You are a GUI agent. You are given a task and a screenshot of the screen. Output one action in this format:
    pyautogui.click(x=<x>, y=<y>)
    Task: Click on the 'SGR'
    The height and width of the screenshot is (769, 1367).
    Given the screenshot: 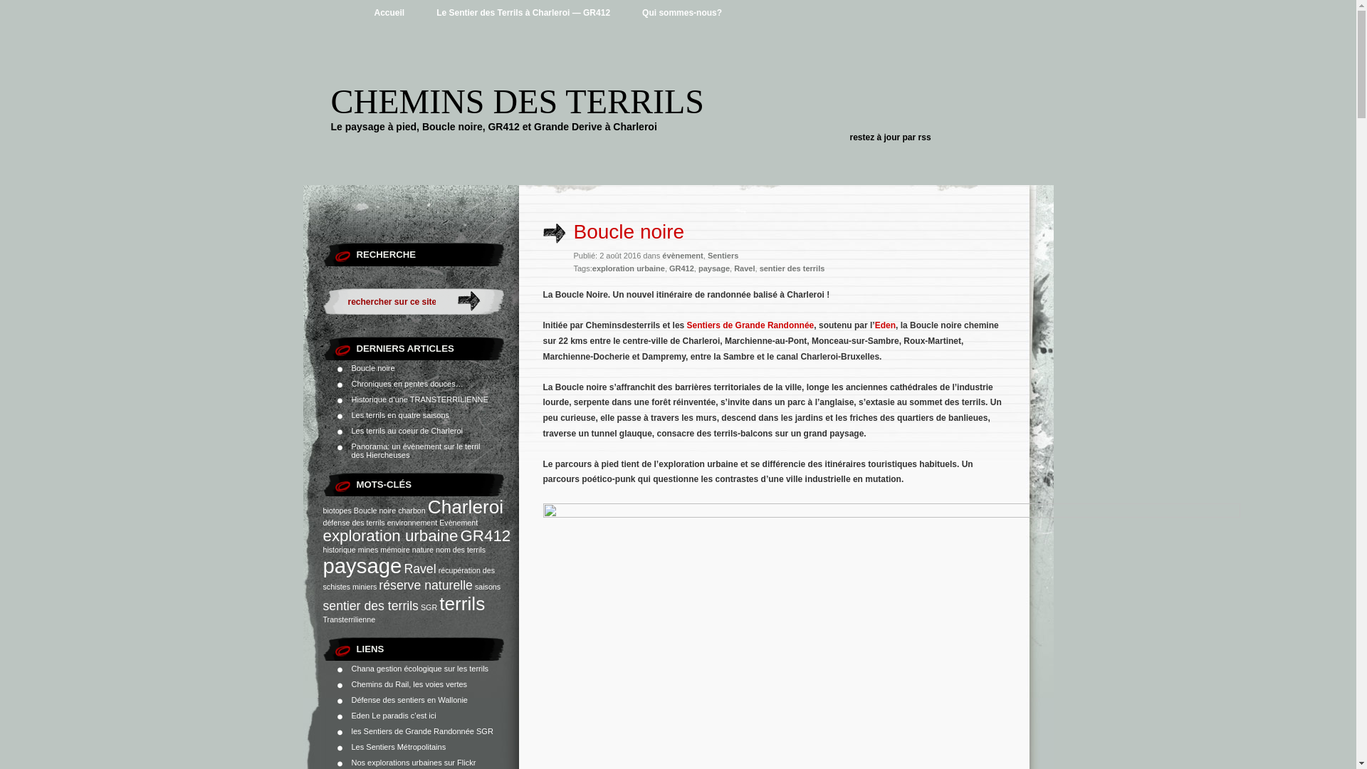 What is the action you would take?
    pyautogui.click(x=419, y=607)
    